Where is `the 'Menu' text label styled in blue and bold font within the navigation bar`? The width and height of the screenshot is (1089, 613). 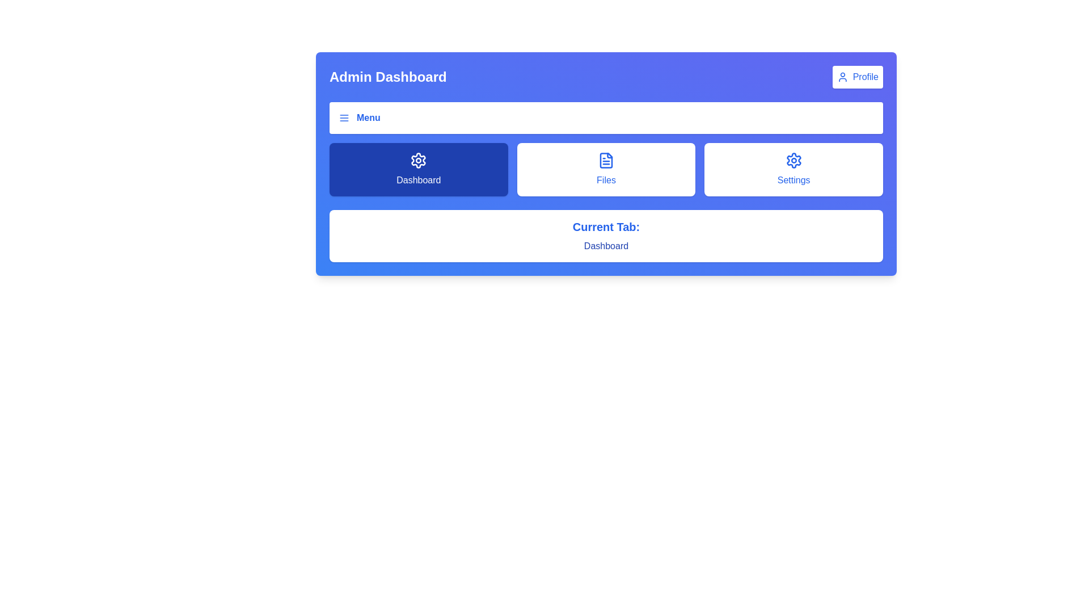
the 'Menu' text label styled in blue and bold font within the navigation bar is located at coordinates (368, 118).